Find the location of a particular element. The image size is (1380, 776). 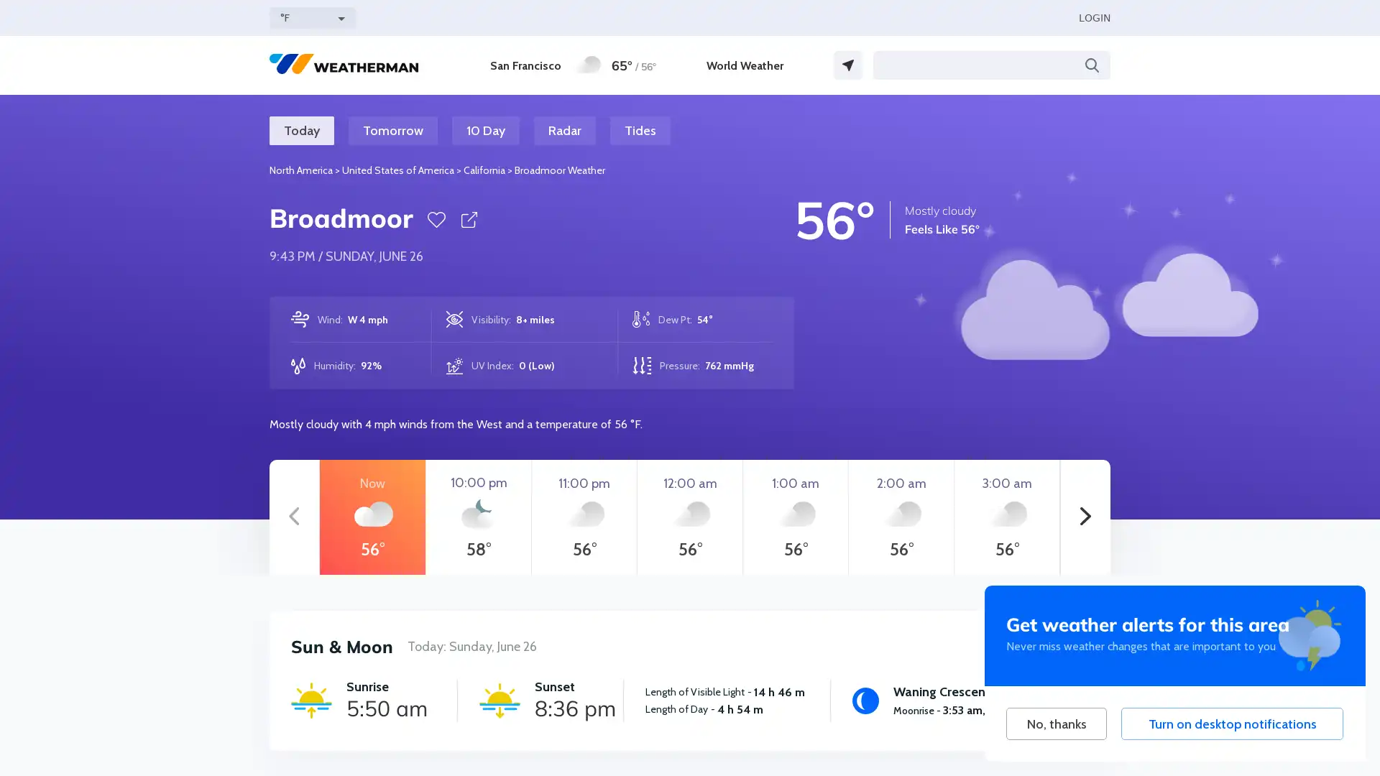

Turn on desktop notifications is located at coordinates (1231, 724).